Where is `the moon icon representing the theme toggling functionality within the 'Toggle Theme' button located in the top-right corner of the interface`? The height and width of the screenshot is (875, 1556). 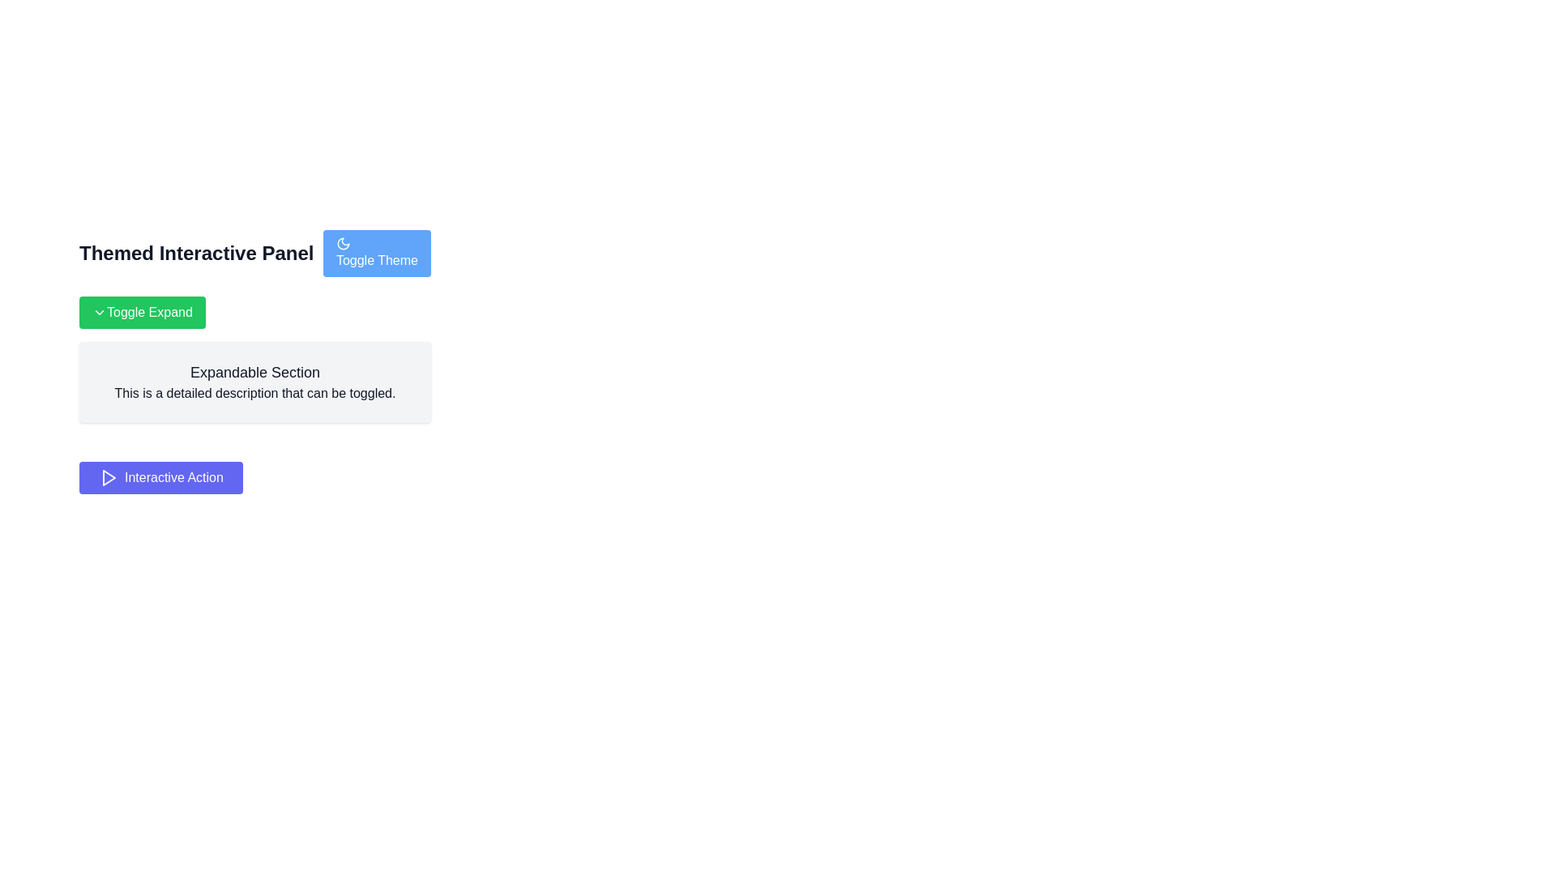
the moon icon representing the theme toggling functionality within the 'Toggle Theme' button located in the top-right corner of the interface is located at coordinates (342, 243).